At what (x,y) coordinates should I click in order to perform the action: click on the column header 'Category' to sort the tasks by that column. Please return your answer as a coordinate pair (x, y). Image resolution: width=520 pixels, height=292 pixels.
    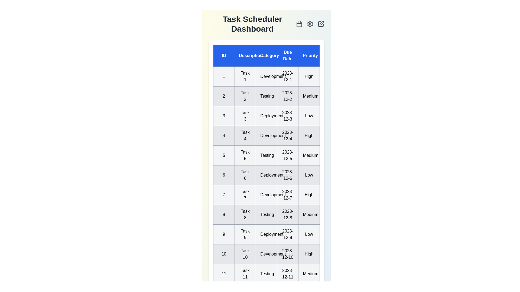
    Looking at the image, I should click on (266, 55).